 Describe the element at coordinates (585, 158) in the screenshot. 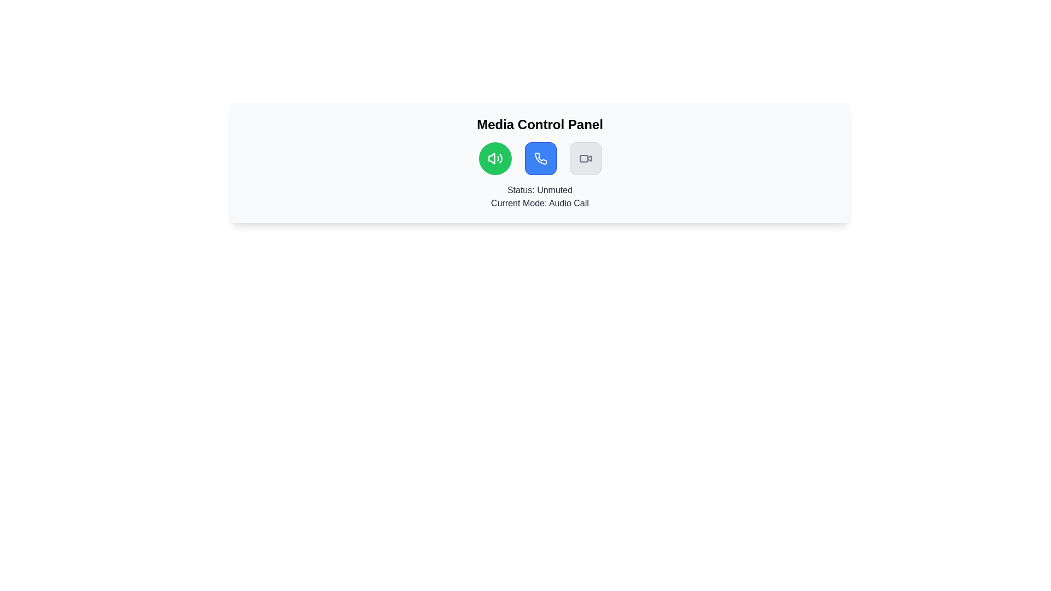

I see `the third button from the left in the horizontal row of controls at the bottom section of the interface to switch to video mode` at that location.